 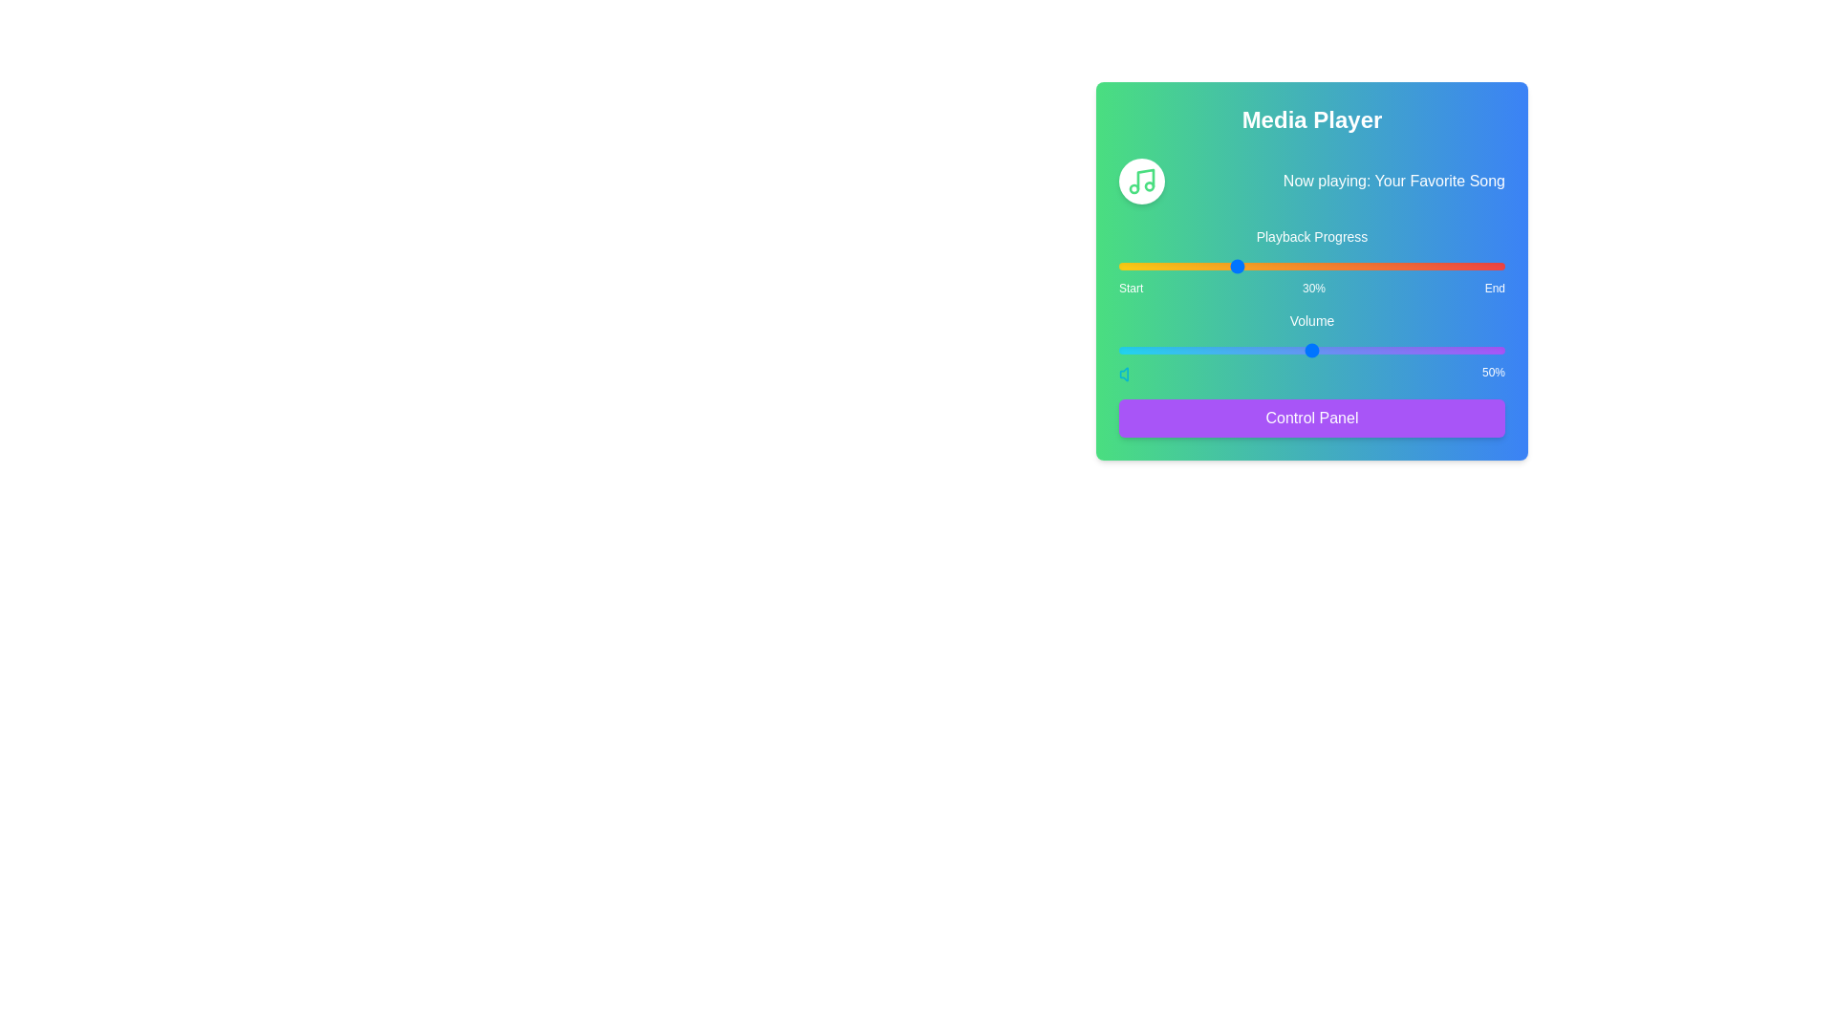 I want to click on the volume slider to 5%, so click(x=1138, y=350).